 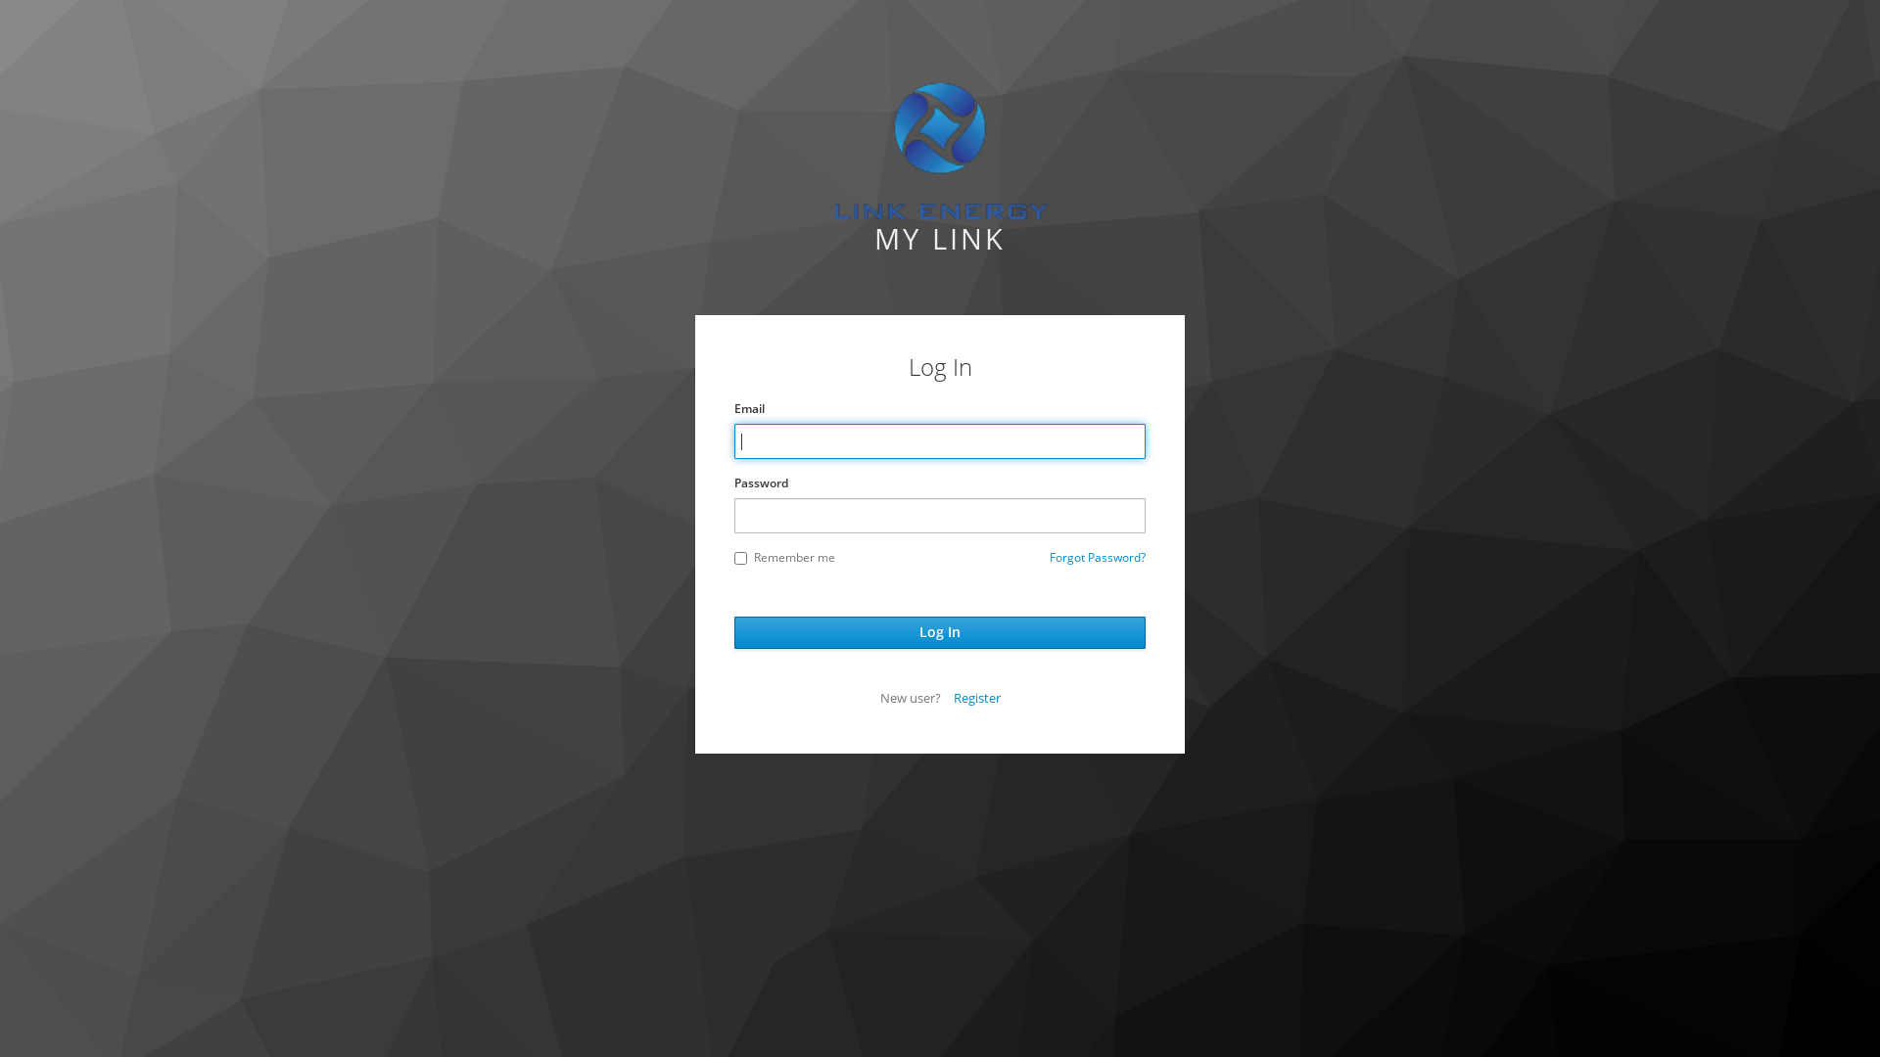 I want to click on 'Register', so click(x=977, y=697).